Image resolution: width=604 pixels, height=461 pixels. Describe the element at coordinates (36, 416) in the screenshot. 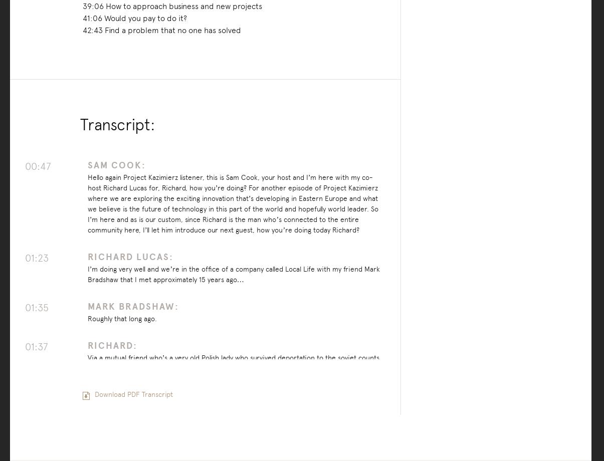

I see `'01:57'` at that location.